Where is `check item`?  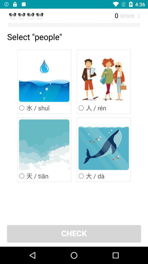
check item is located at coordinates (74, 233).